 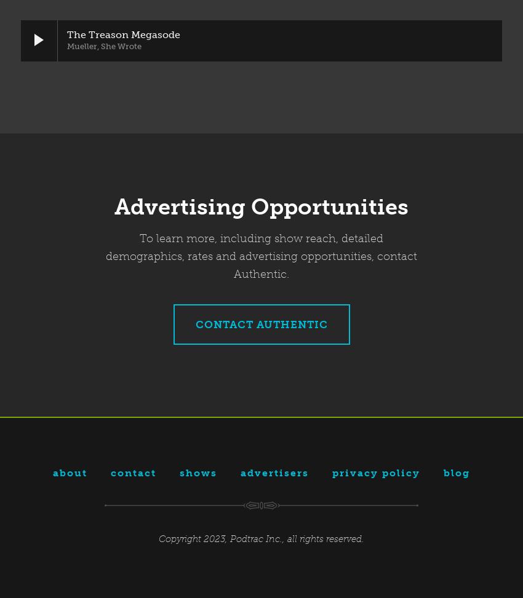 I want to click on 'Copyright 2023, Podtrac Inc., all rights reserved.', so click(x=261, y=538).